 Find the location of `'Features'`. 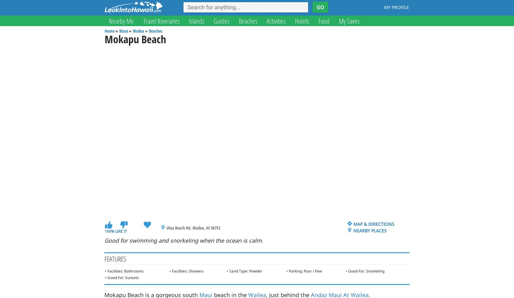

'Features' is located at coordinates (115, 258).